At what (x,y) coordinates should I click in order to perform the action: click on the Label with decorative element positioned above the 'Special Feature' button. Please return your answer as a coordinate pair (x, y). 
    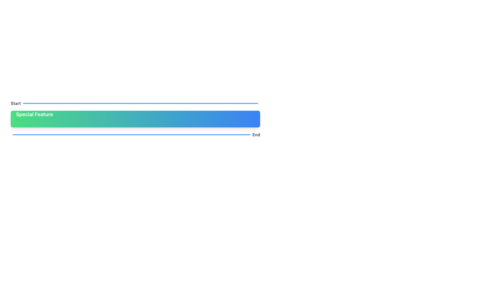
    Looking at the image, I should click on (135, 103).